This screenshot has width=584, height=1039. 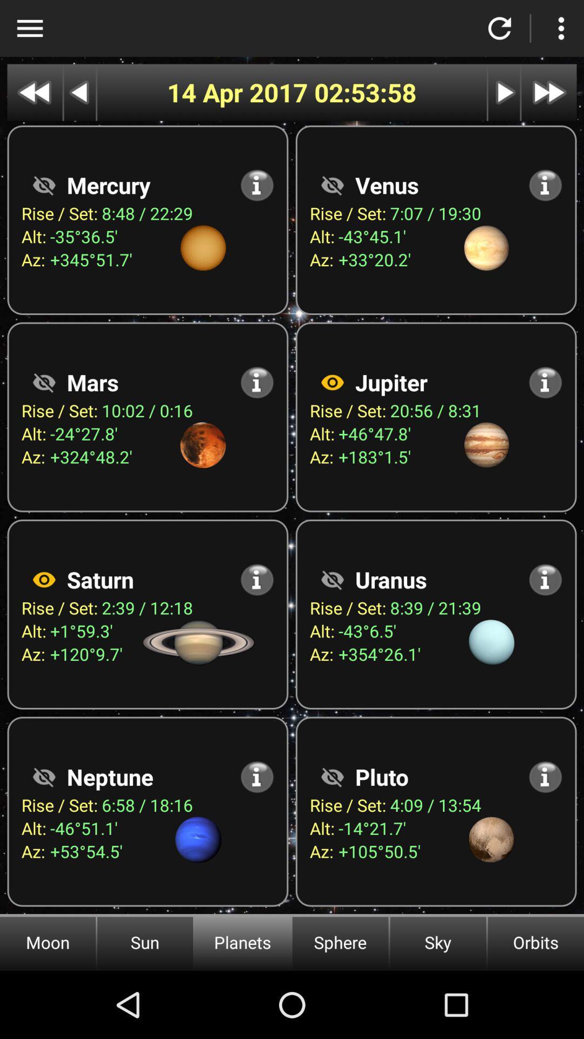 What do you see at coordinates (500, 28) in the screenshot?
I see `come back` at bounding box center [500, 28].